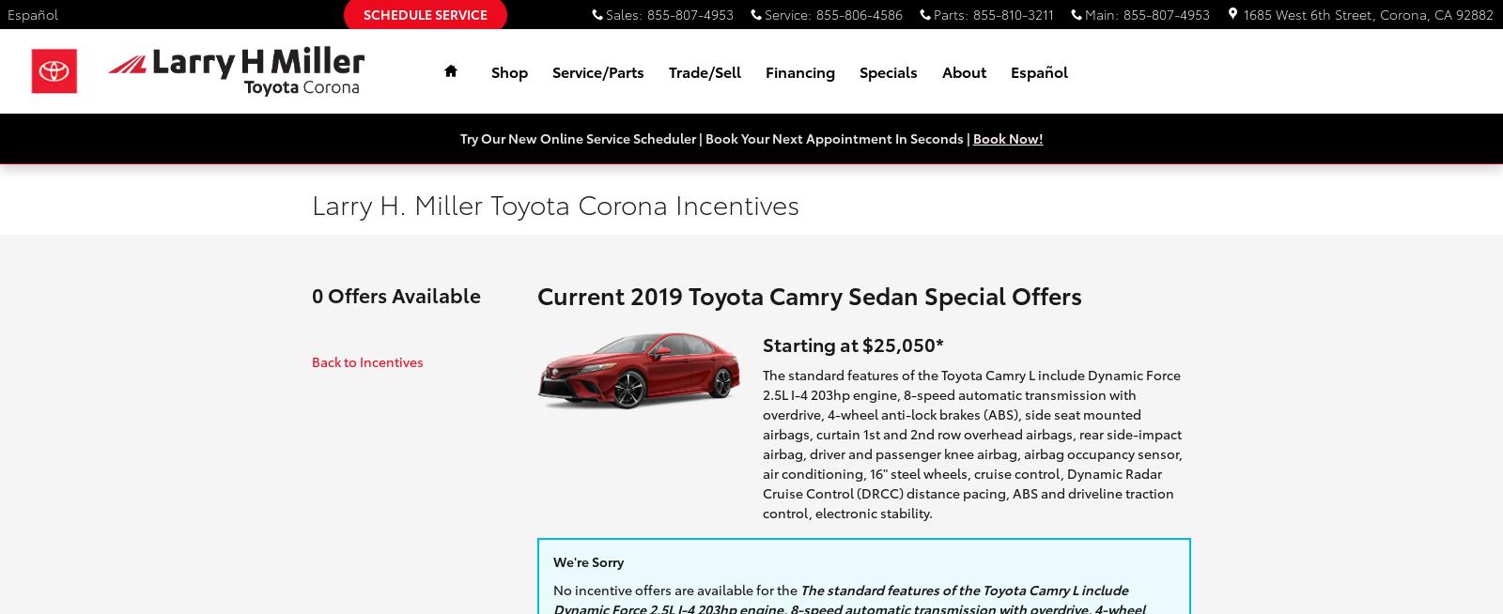 The height and width of the screenshot is (614, 1503). What do you see at coordinates (424, 12) in the screenshot?
I see `'Schedule Service'` at bounding box center [424, 12].